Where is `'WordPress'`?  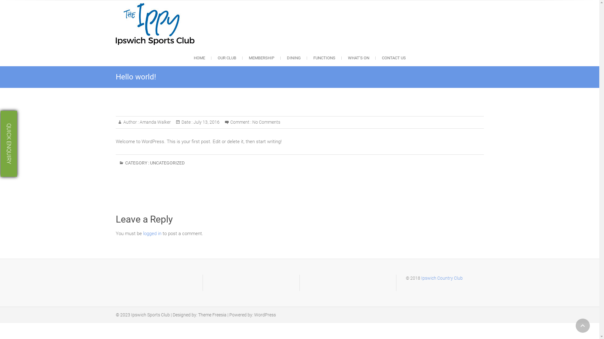 'WordPress' is located at coordinates (265, 315).